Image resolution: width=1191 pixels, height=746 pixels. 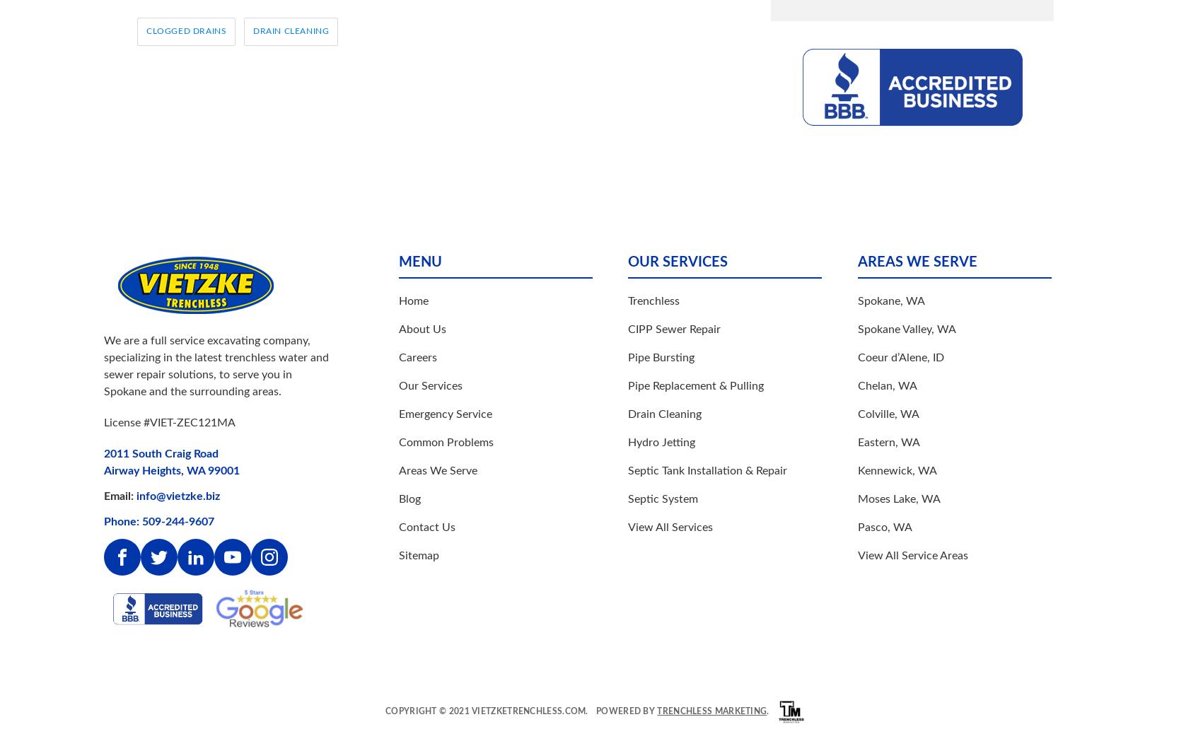 What do you see at coordinates (887, 385) in the screenshot?
I see `'Chelan, WA'` at bounding box center [887, 385].